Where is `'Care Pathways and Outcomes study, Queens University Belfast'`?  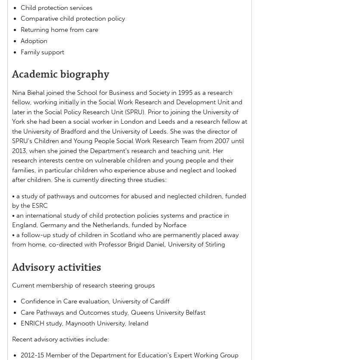 'Care Pathways and Outcomes study, Queens University Belfast' is located at coordinates (112, 312).